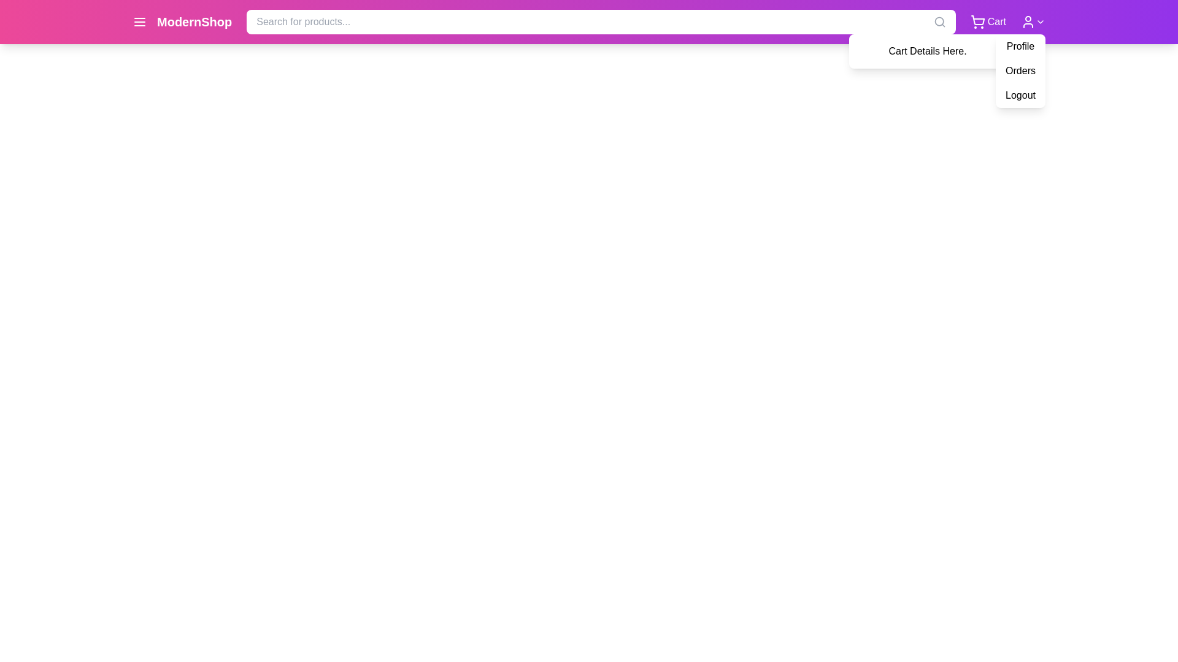 The height and width of the screenshot is (662, 1178). What do you see at coordinates (194, 21) in the screenshot?
I see `the branding label located to the right of the menu icon` at bounding box center [194, 21].